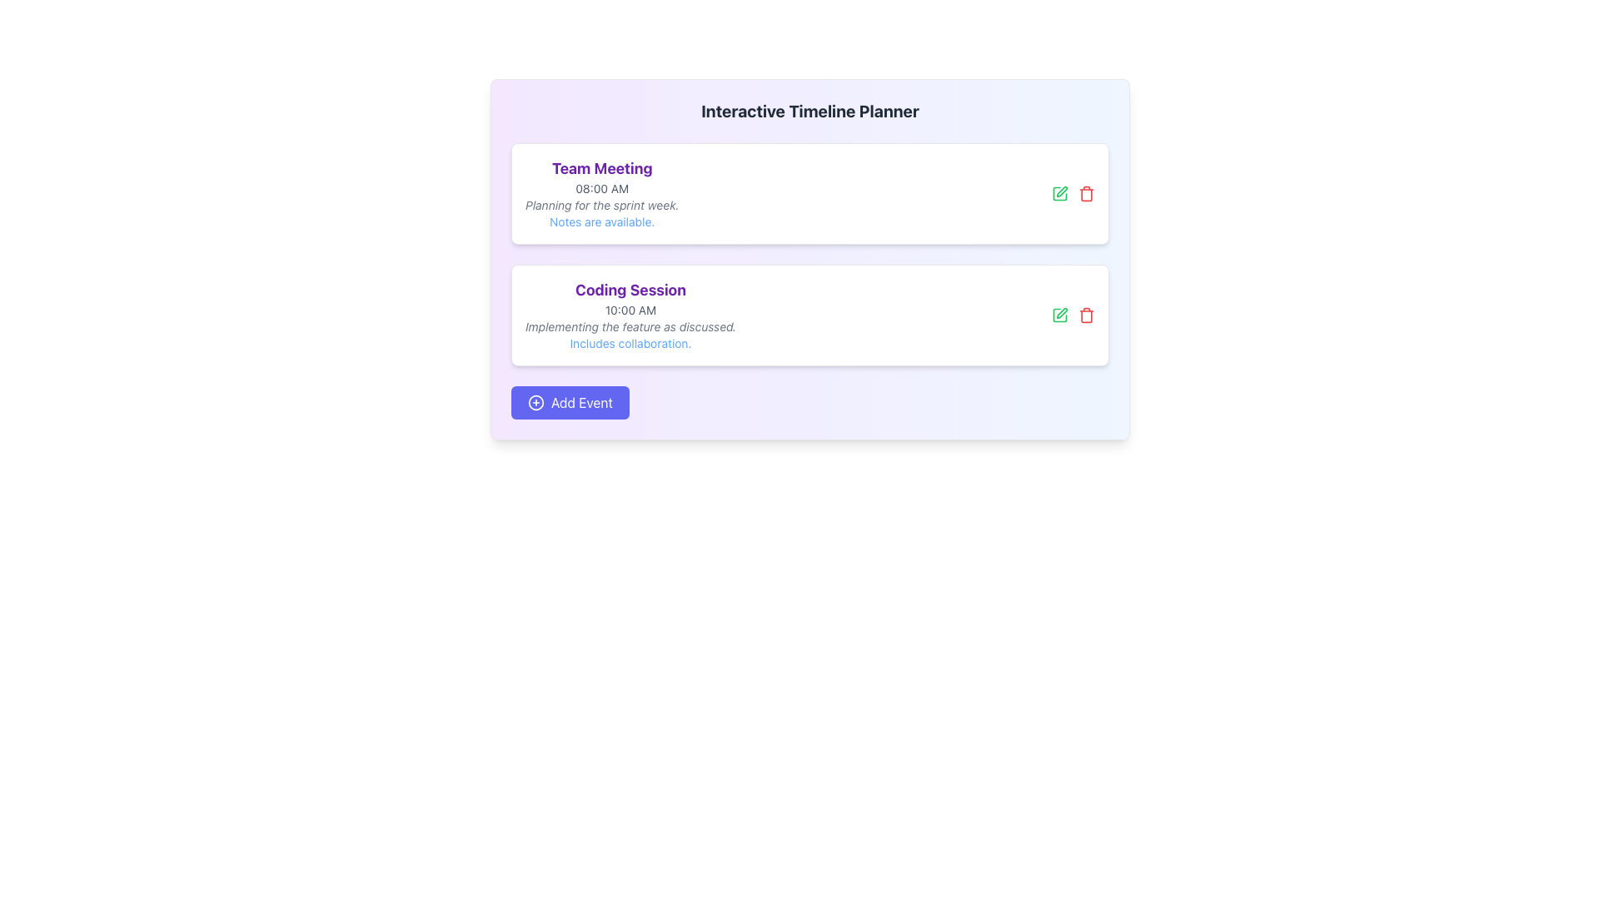  What do you see at coordinates (570, 402) in the screenshot?
I see `the rectangular button with a rounded border and blue background labeled 'Add Event'` at bounding box center [570, 402].